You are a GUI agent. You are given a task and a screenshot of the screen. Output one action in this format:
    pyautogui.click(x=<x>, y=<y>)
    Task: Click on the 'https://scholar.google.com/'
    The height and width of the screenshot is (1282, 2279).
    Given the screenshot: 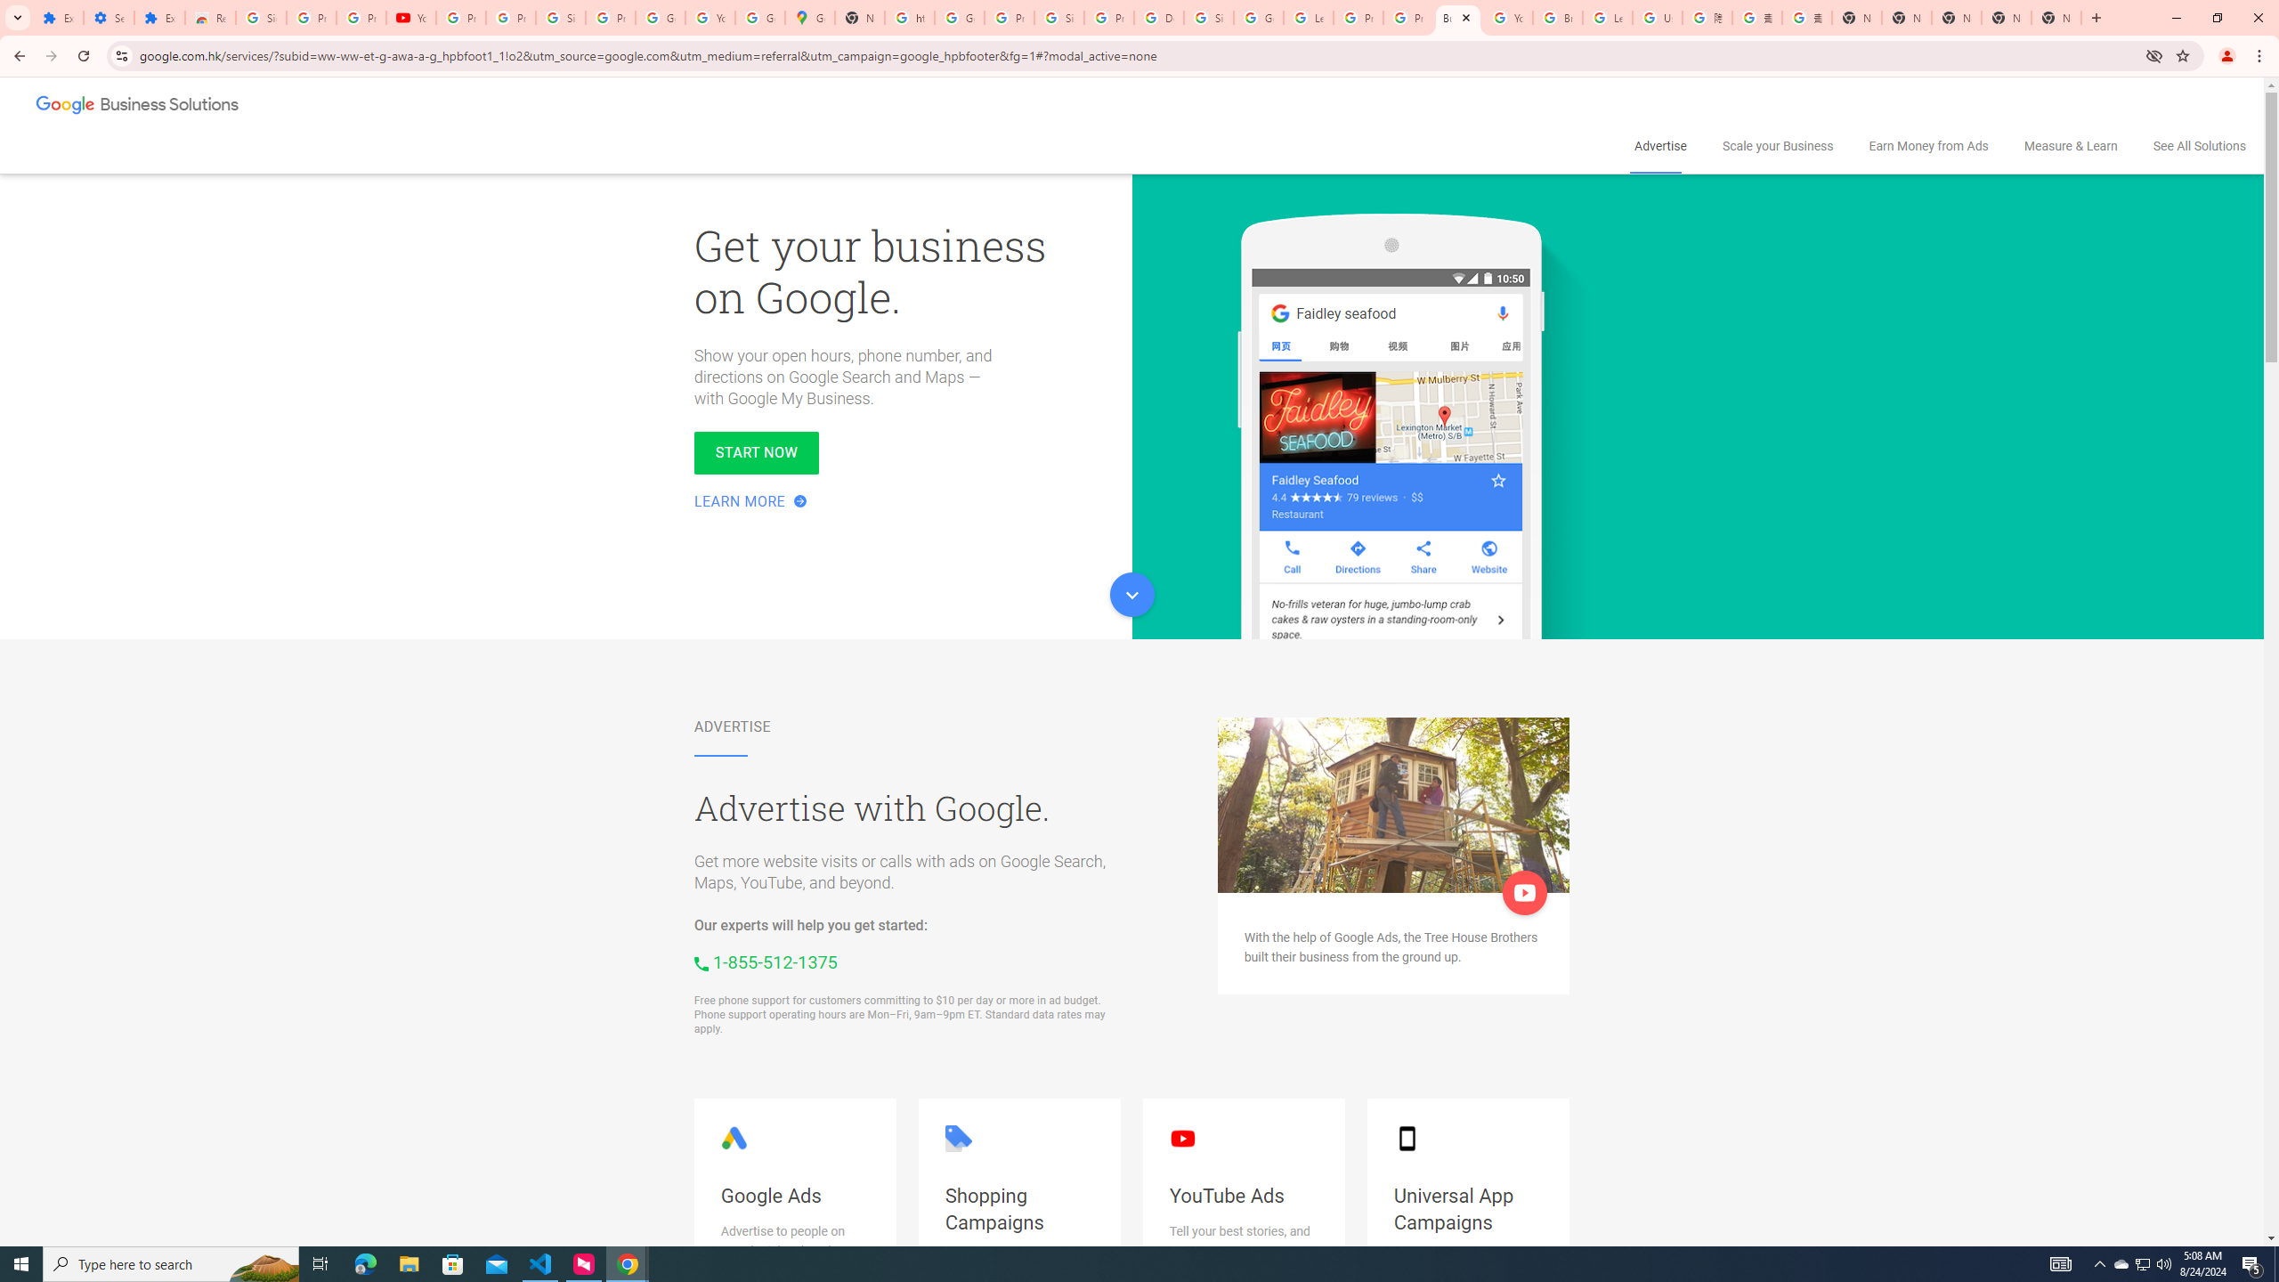 What is the action you would take?
    pyautogui.click(x=910, y=17)
    